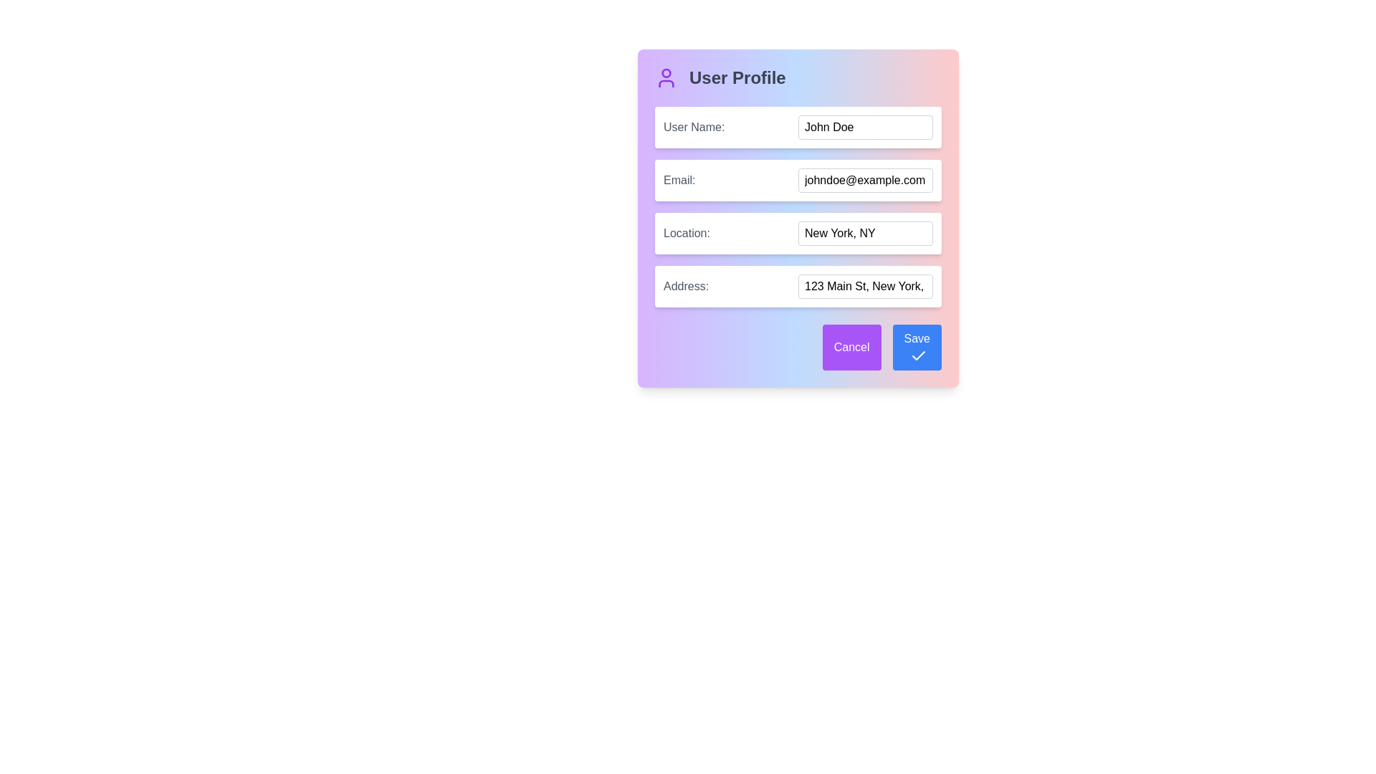 The height and width of the screenshot is (774, 1376). Describe the element at coordinates (797, 233) in the screenshot. I see `the Form field labeled 'Location:' which contains the text input displaying 'New York, NY'` at that location.